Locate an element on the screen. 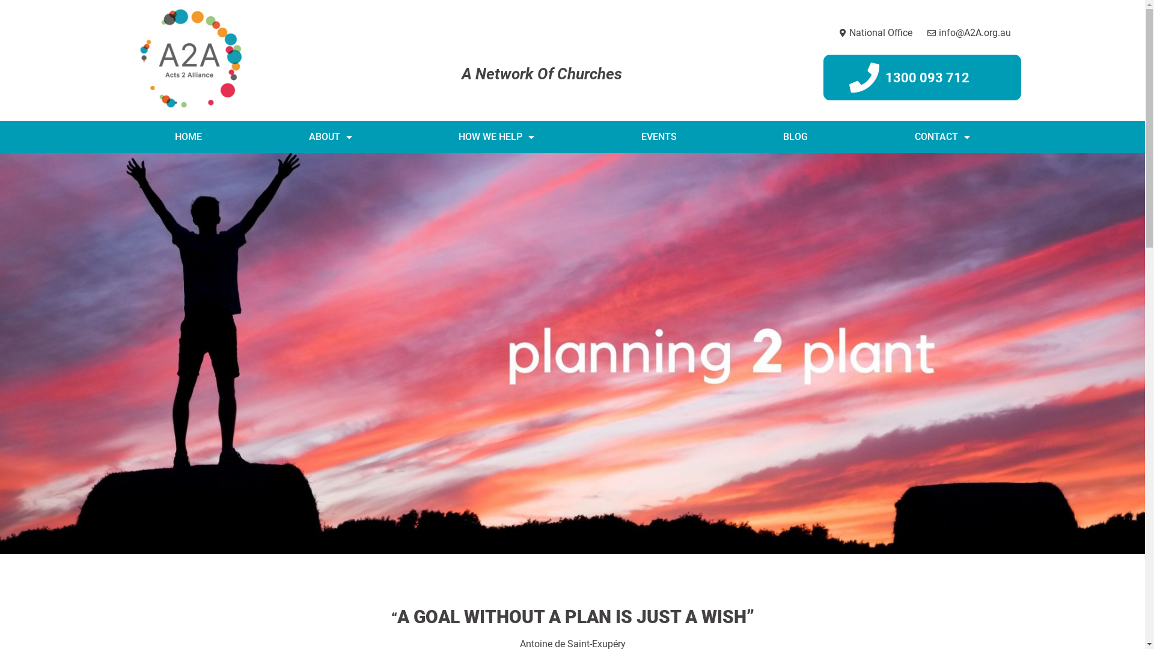  'HOW WE HELP' is located at coordinates (496, 136).